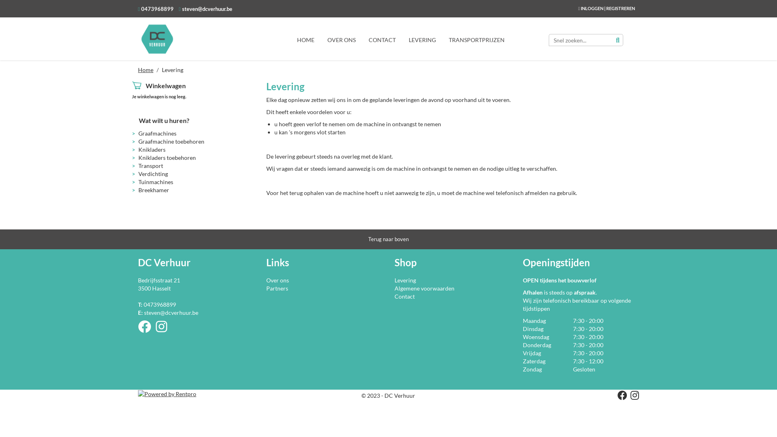  Describe the element at coordinates (138, 69) in the screenshot. I see `'Home'` at that location.